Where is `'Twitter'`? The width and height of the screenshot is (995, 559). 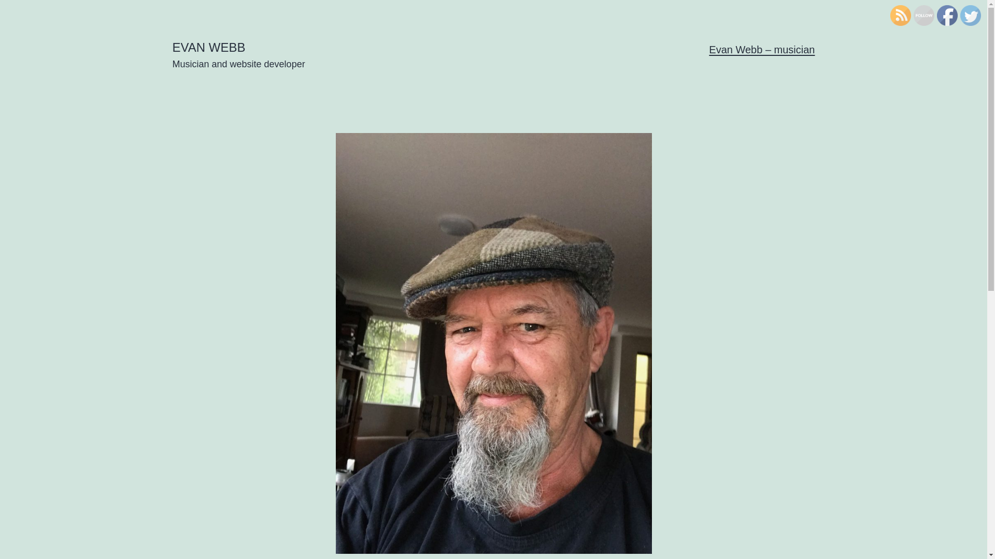 'Twitter' is located at coordinates (970, 16).